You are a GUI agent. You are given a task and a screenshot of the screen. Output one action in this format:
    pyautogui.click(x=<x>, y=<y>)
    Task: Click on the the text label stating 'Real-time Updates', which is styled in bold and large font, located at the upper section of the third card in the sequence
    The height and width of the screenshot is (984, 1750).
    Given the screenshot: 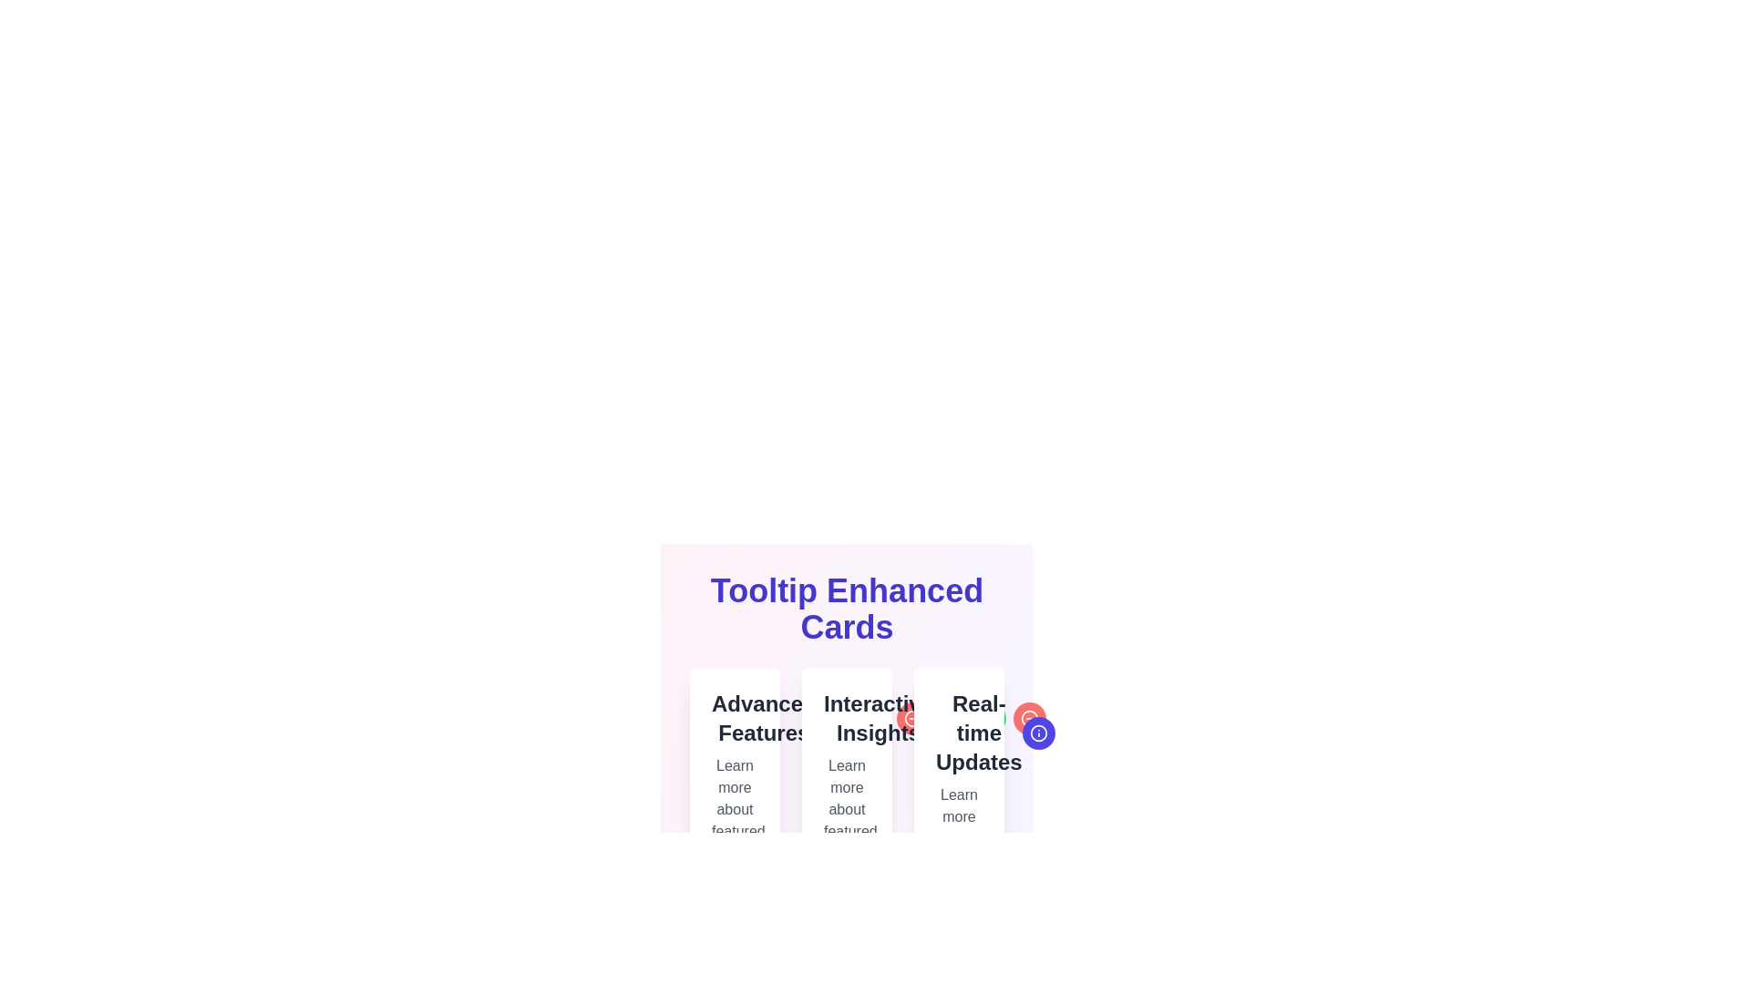 What is the action you would take?
    pyautogui.click(x=958, y=733)
    